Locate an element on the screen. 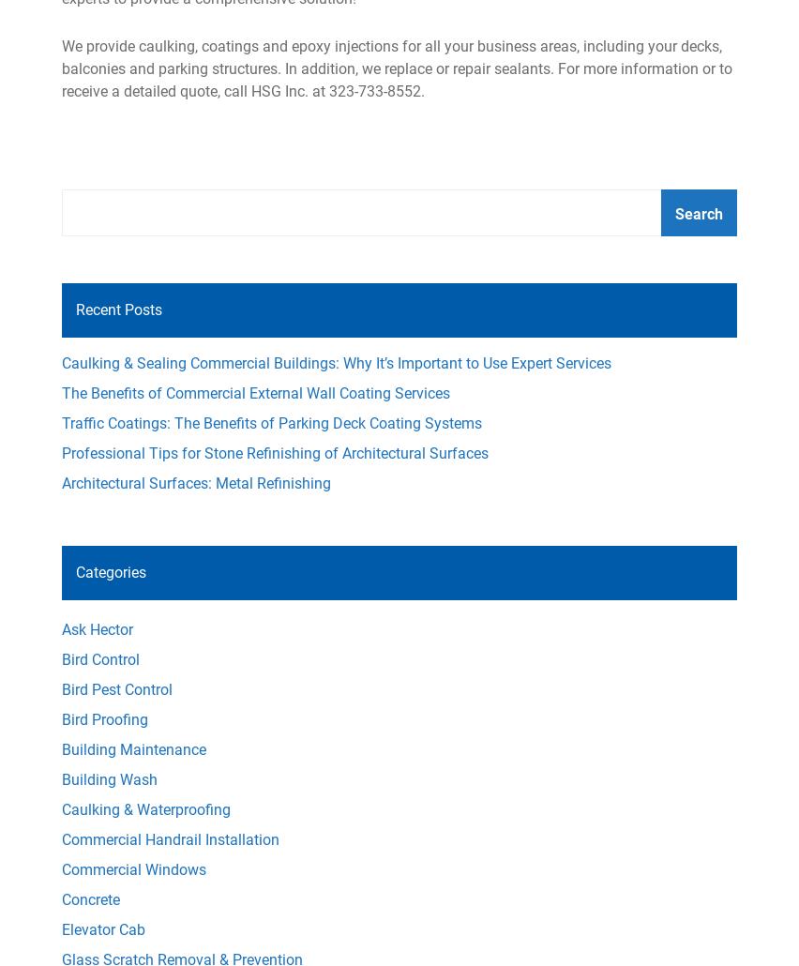  'provide' is located at coordinates (85, 45).